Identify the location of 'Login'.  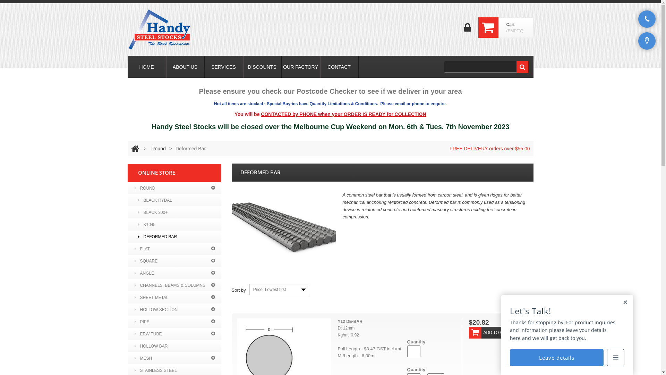
(464, 30).